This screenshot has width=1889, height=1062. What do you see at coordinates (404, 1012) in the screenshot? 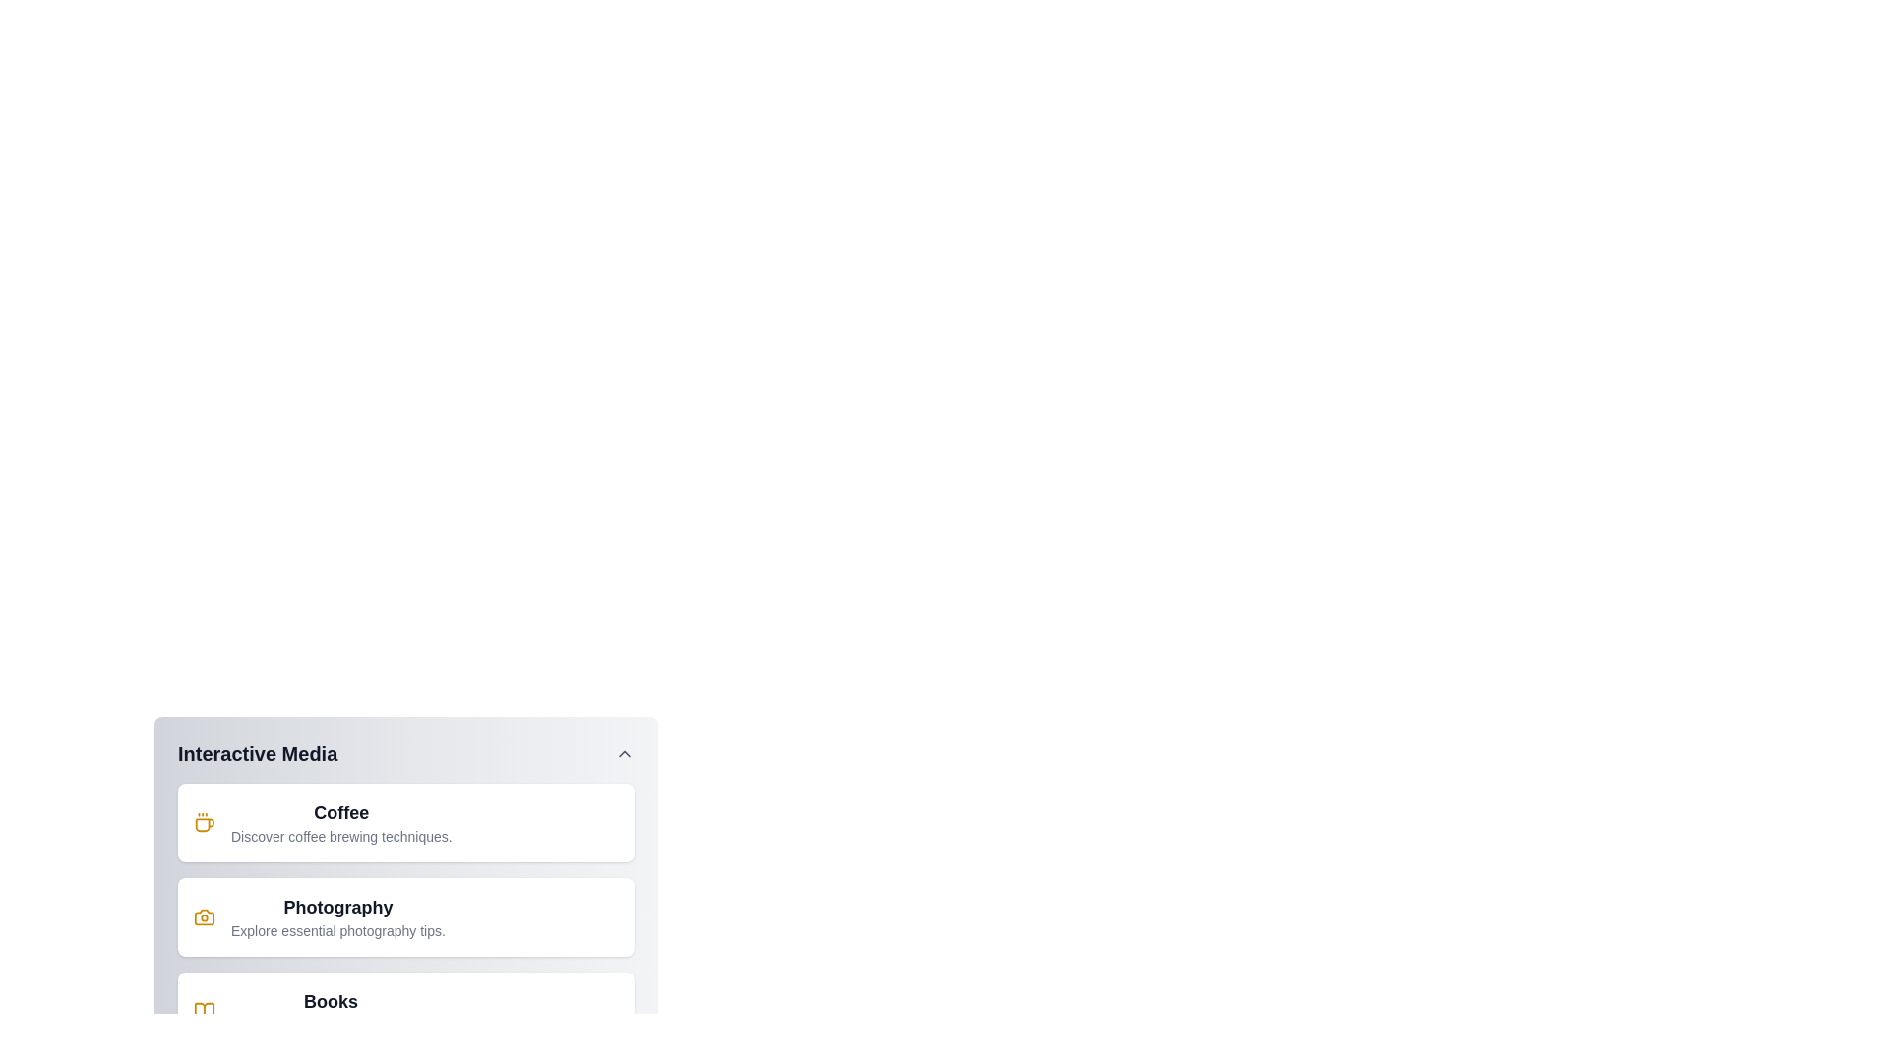
I see `the menu item Books from the InteractiveMediaMenu` at bounding box center [404, 1012].